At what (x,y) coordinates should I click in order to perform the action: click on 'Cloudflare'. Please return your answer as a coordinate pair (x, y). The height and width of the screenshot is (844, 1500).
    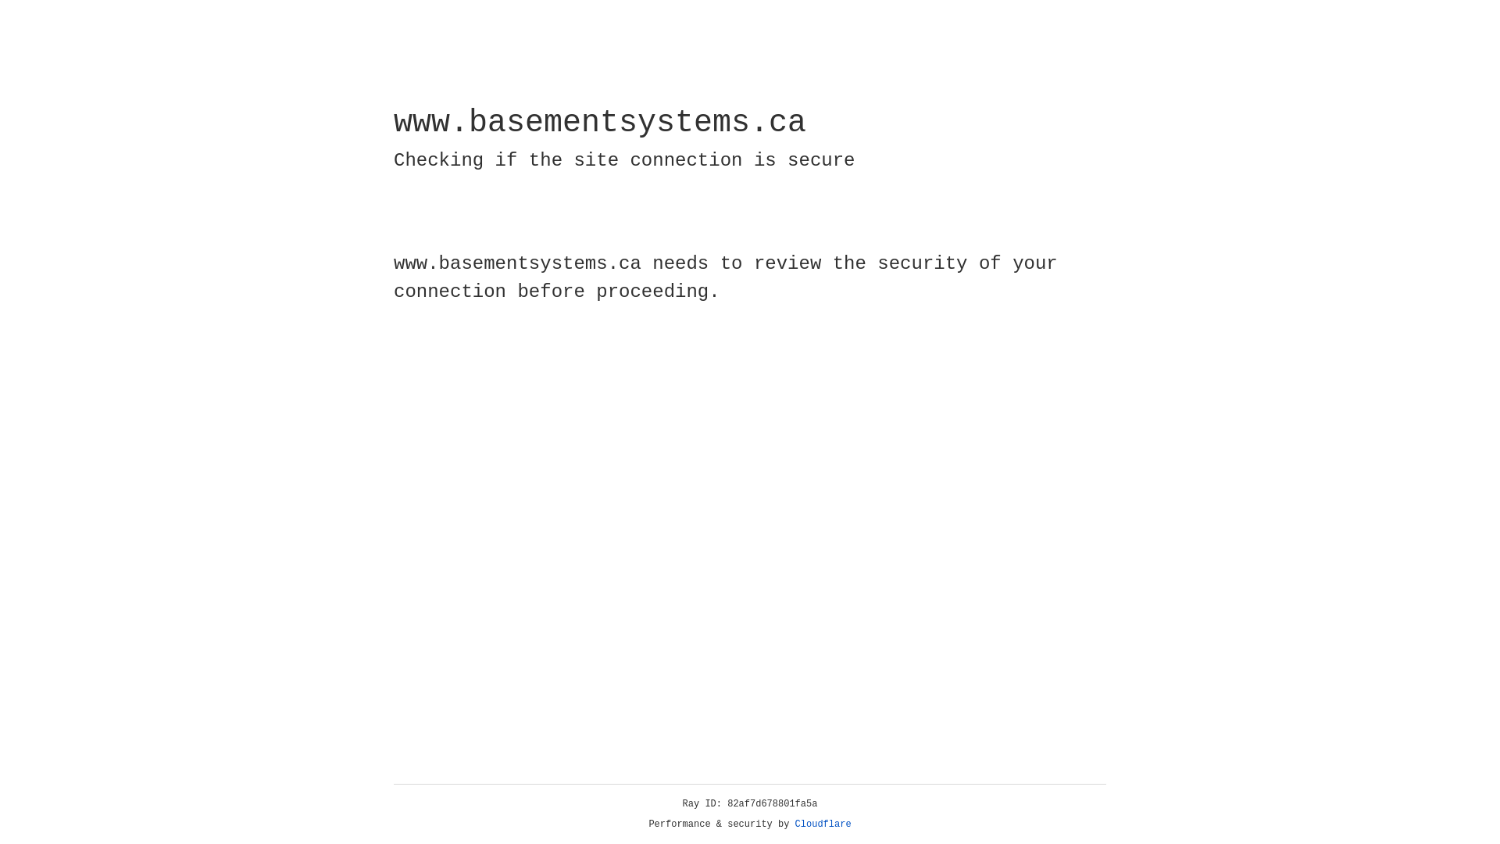
    Looking at the image, I should click on (823, 824).